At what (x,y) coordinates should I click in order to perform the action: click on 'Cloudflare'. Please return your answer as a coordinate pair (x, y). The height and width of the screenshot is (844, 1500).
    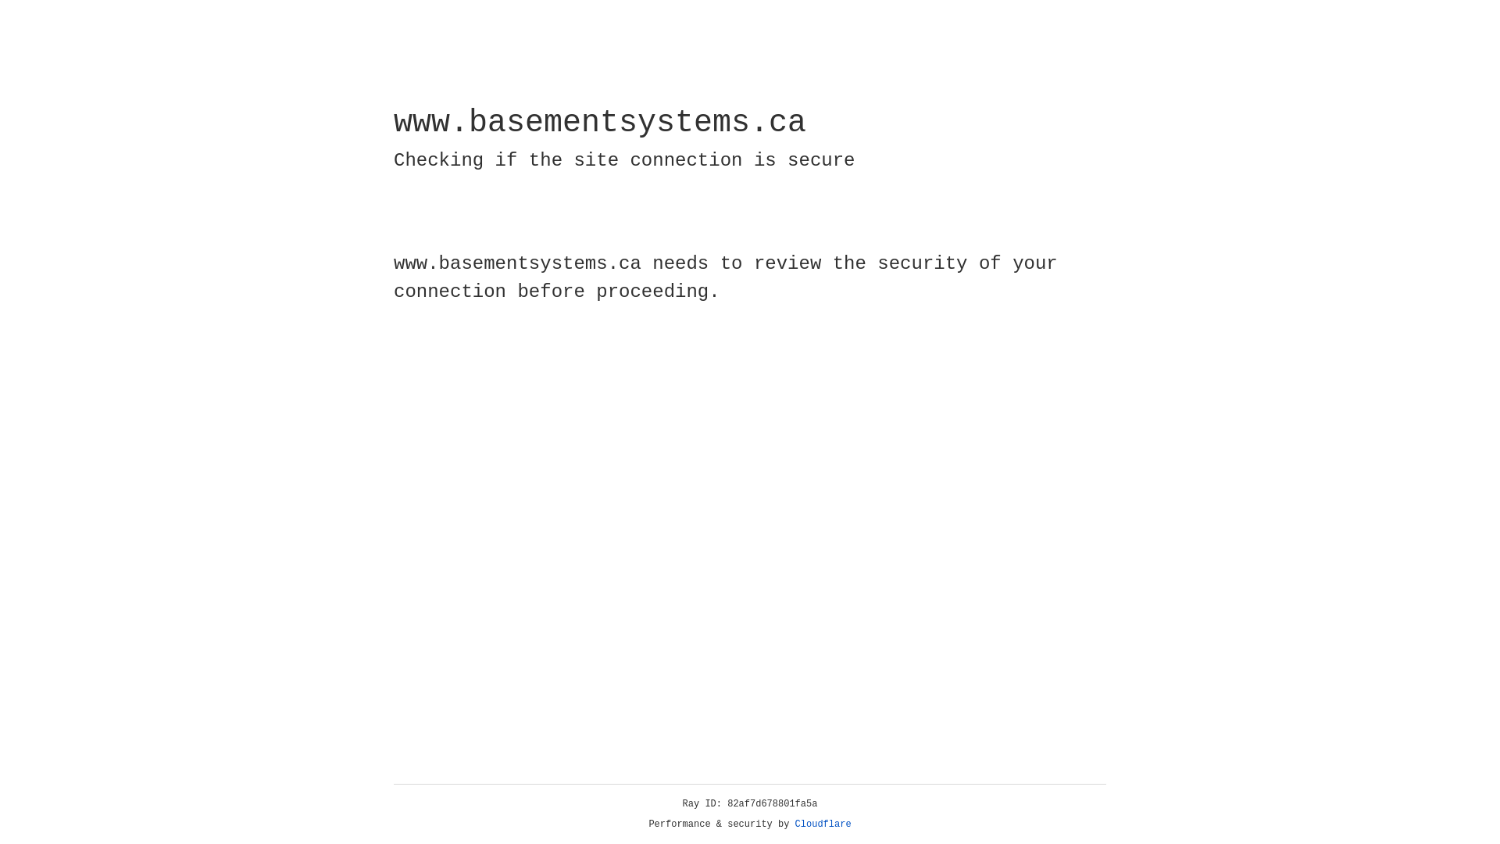
    Looking at the image, I should click on (823, 824).